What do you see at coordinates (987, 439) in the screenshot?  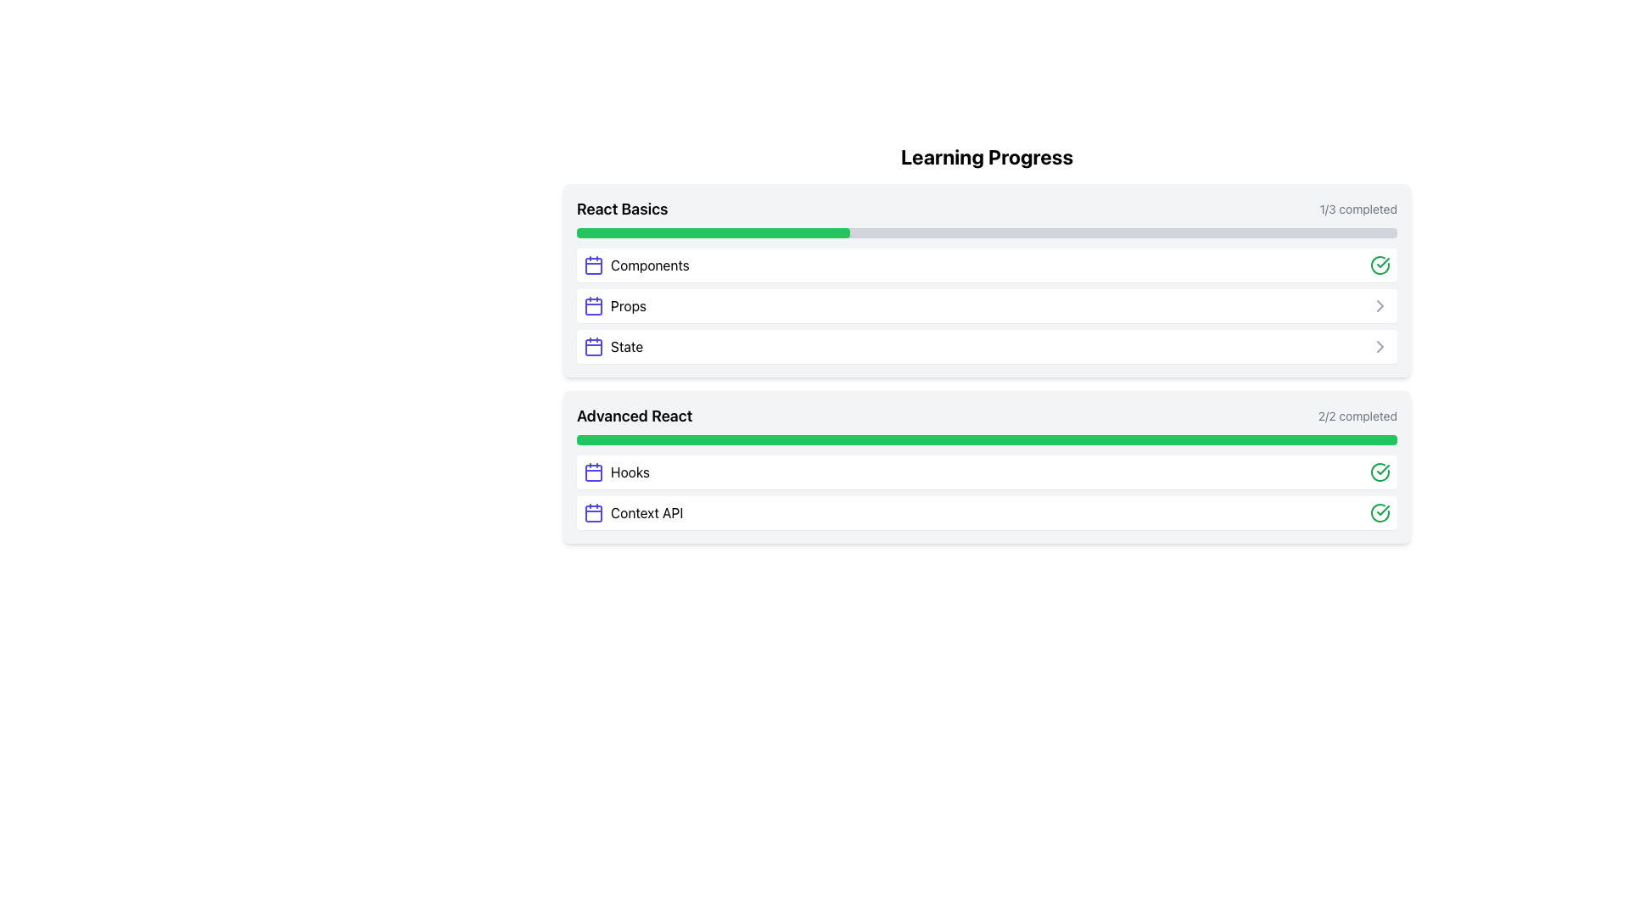 I see `the progress indication of the Progress Bar, which is the third item in the 'Advanced React' section, located between '2/2 completed' and the 'Hooks' and 'Context API' sections` at bounding box center [987, 439].